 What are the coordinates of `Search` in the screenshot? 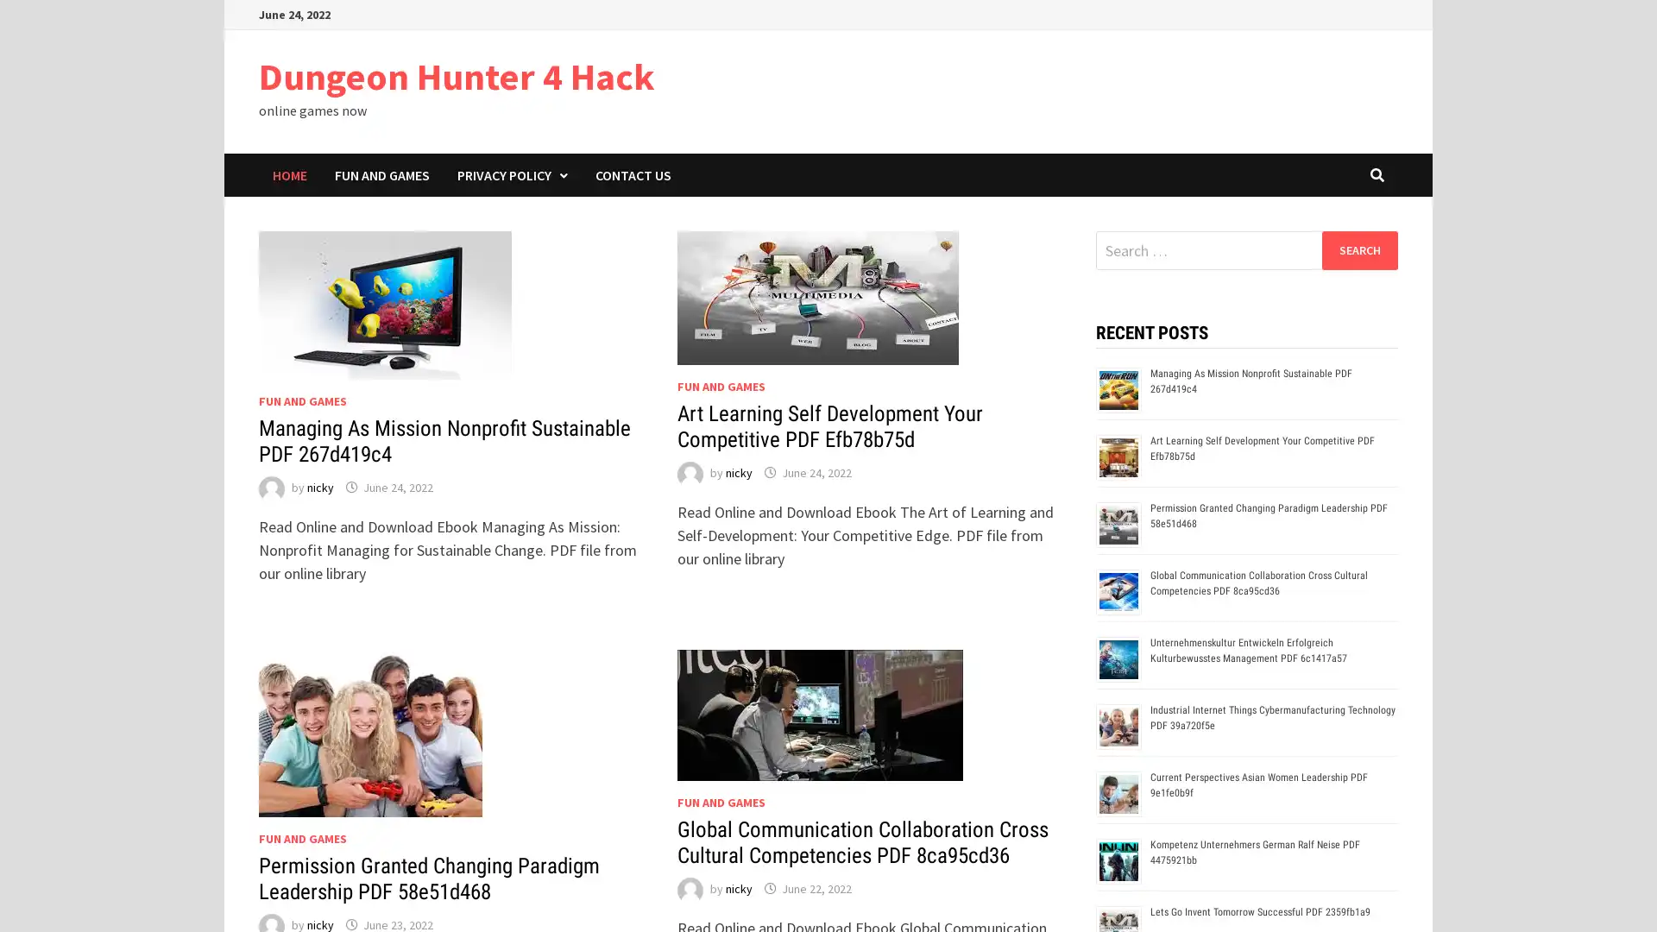 It's located at (1358, 249).